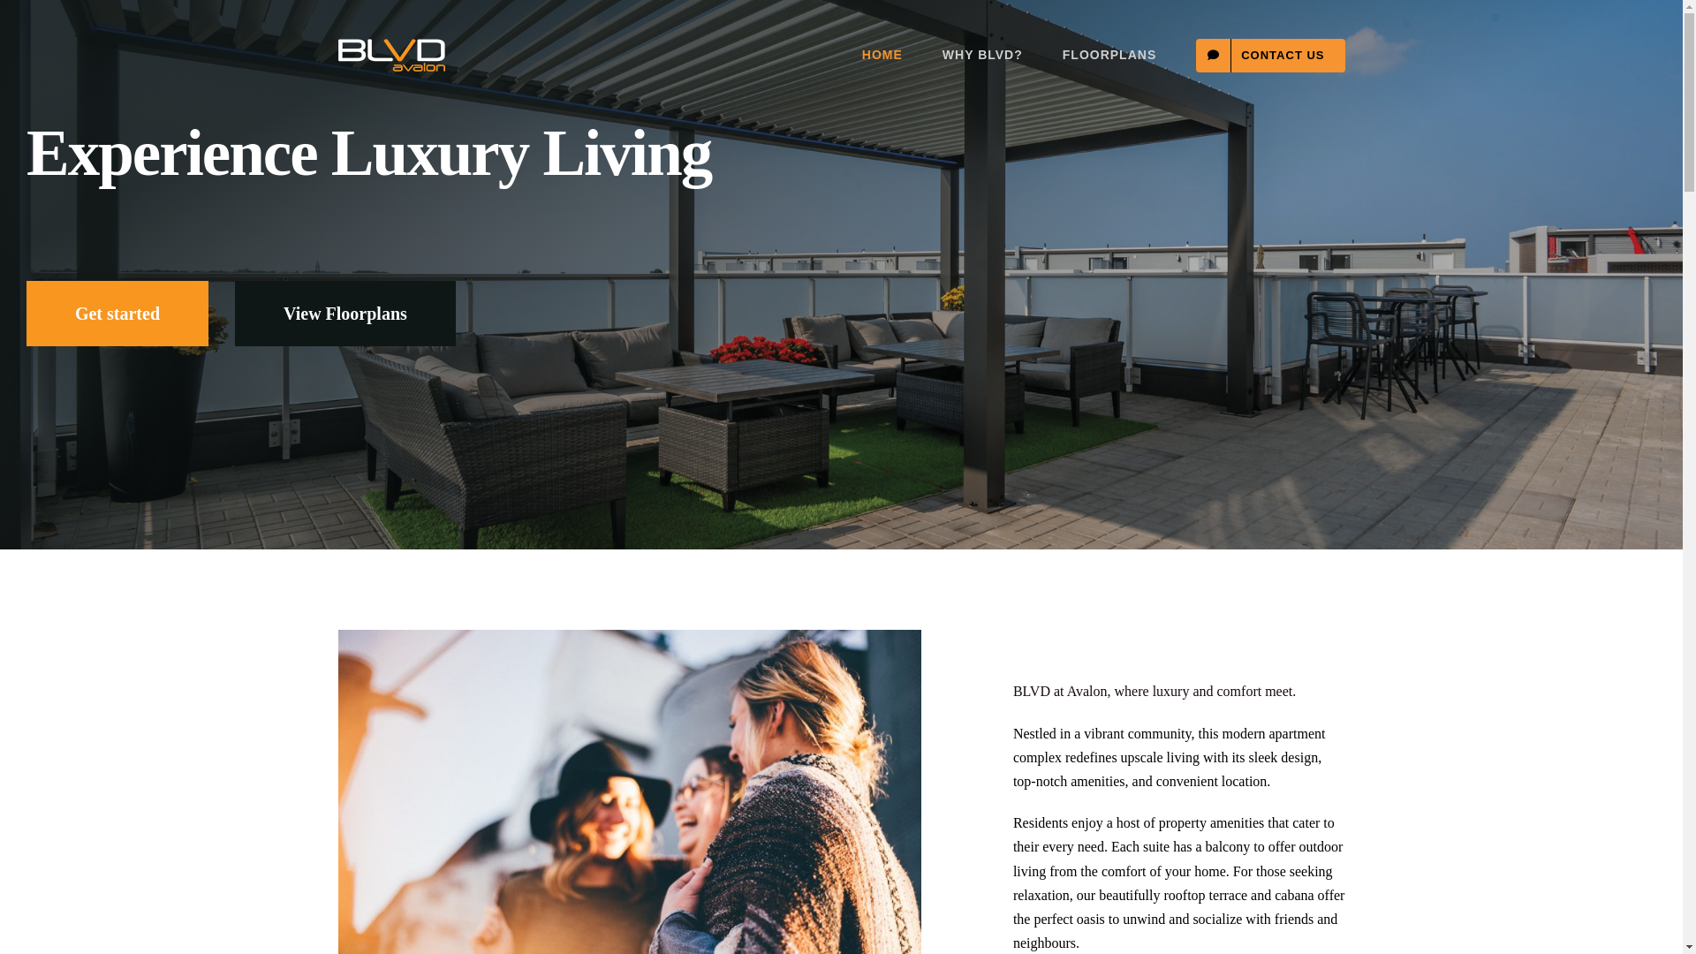  I want to click on 'HOME', so click(882, 53).